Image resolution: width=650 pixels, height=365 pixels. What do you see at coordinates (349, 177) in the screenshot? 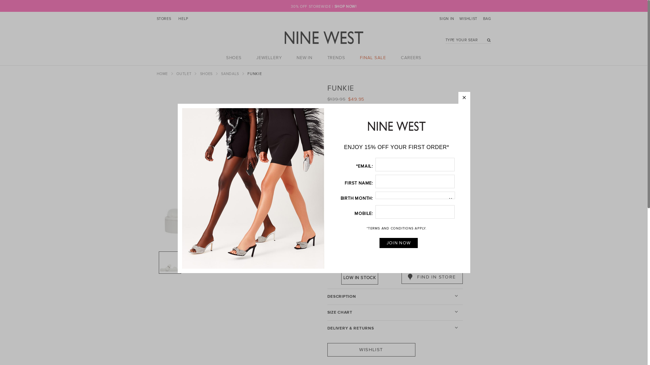
I see `'8'` at bounding box center [349, 177].